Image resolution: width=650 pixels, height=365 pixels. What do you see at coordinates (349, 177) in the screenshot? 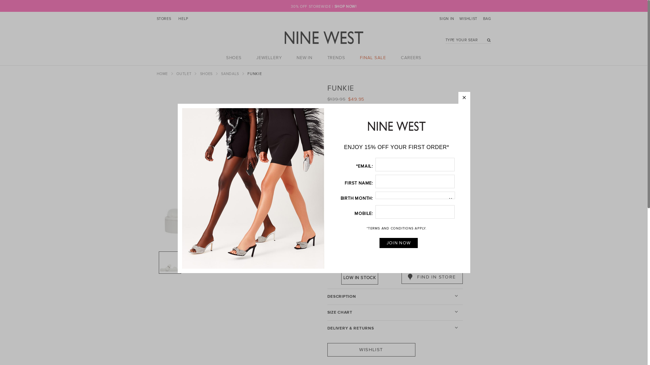
I see `'8'` at bounding box center [349, 177].